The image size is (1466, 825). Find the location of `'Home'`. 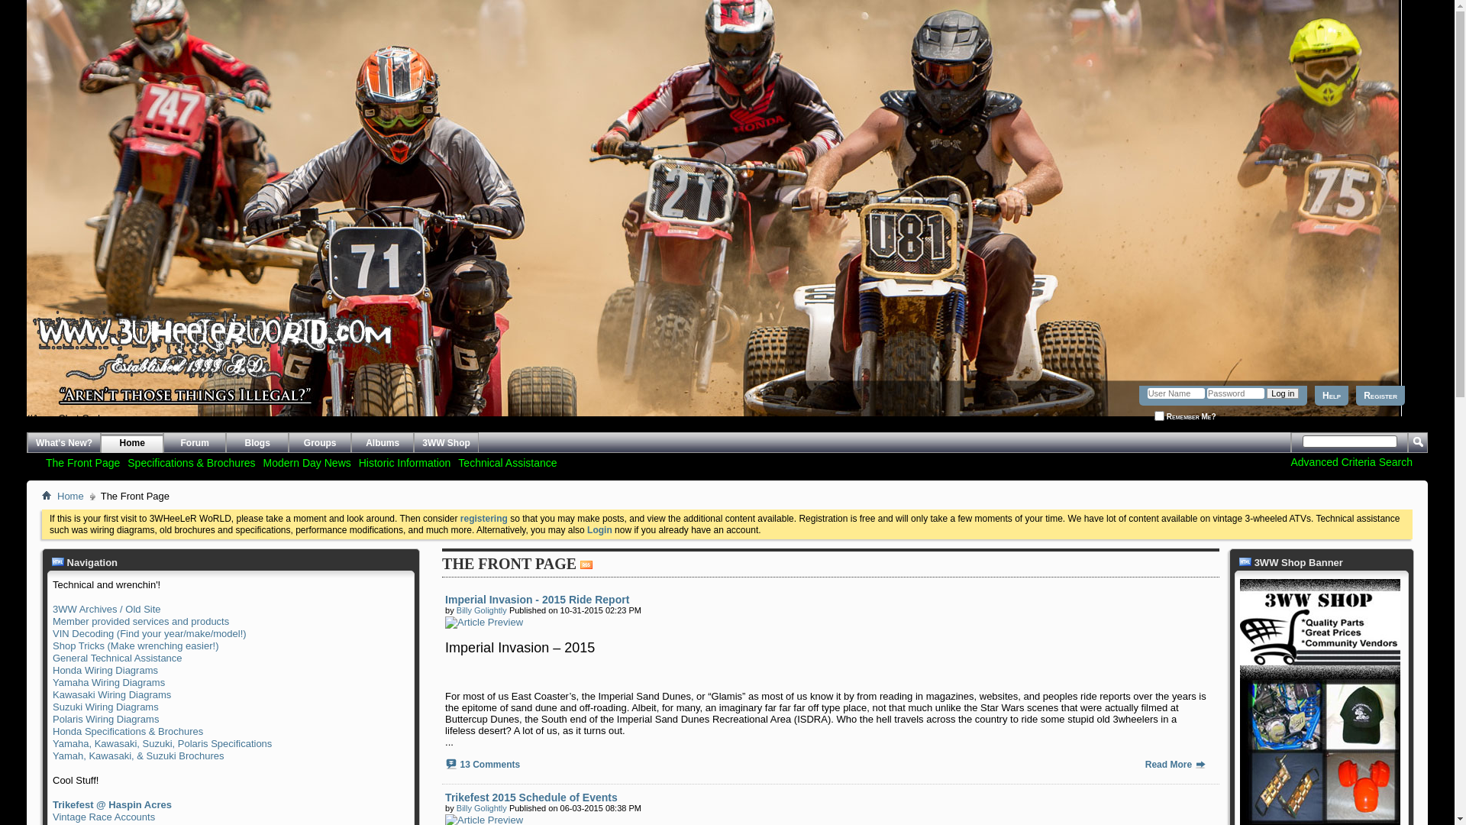

'Home' is located at coordinates (47, 495).